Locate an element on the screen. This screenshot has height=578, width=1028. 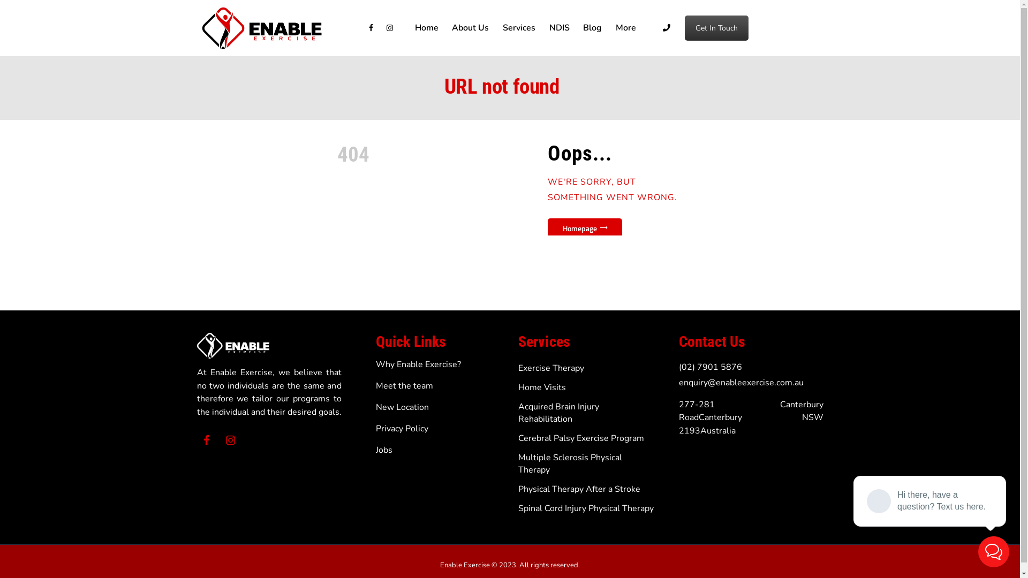
'Blog' is located at coordinates (592, 27).